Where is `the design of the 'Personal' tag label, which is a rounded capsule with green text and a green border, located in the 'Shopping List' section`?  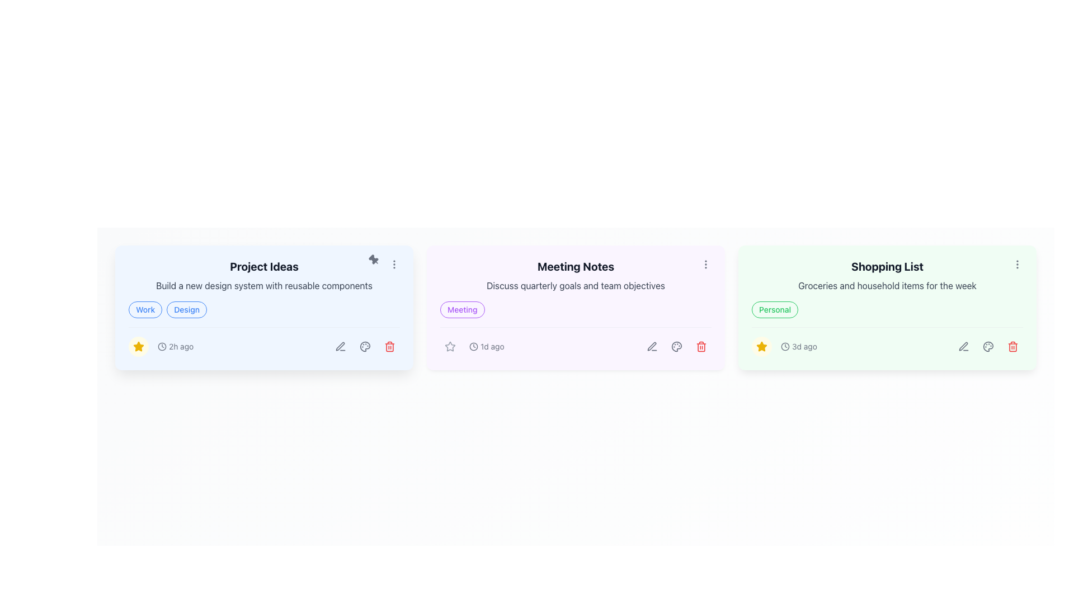 the design of the 'Personal' tag label, which is a rounded capsule with green text and a green border, located in the 'Shopping List' section is located at coordinates (774, 310).